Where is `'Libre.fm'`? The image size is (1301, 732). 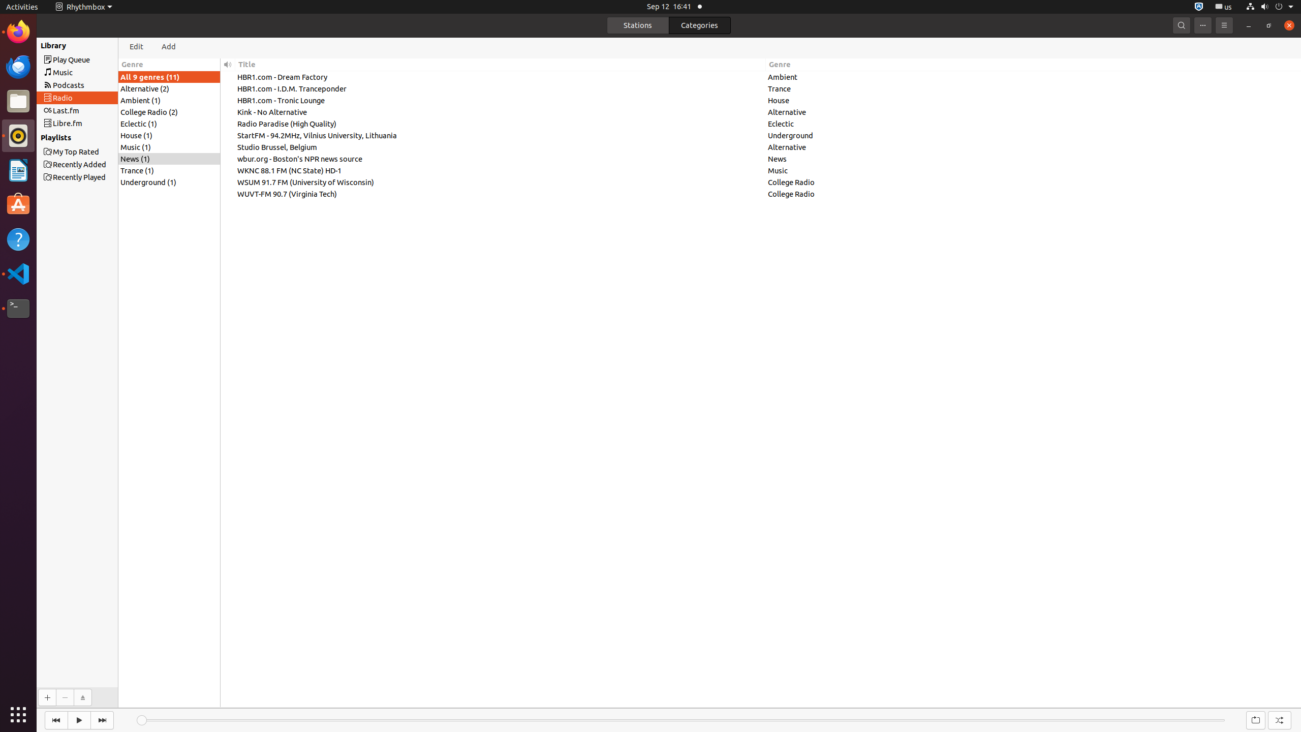 'Libre.fm' is located at coordinates (95, 123).